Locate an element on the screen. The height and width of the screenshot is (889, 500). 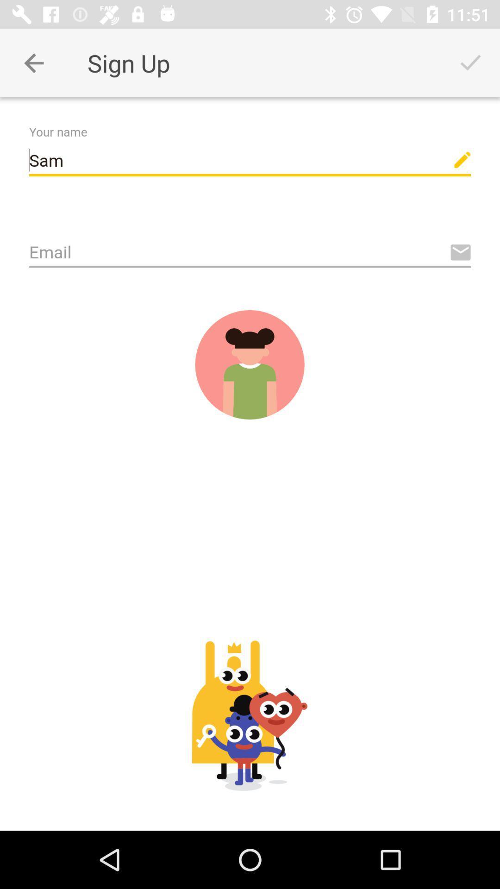
change profile picture is located at coordinates (249, 364).